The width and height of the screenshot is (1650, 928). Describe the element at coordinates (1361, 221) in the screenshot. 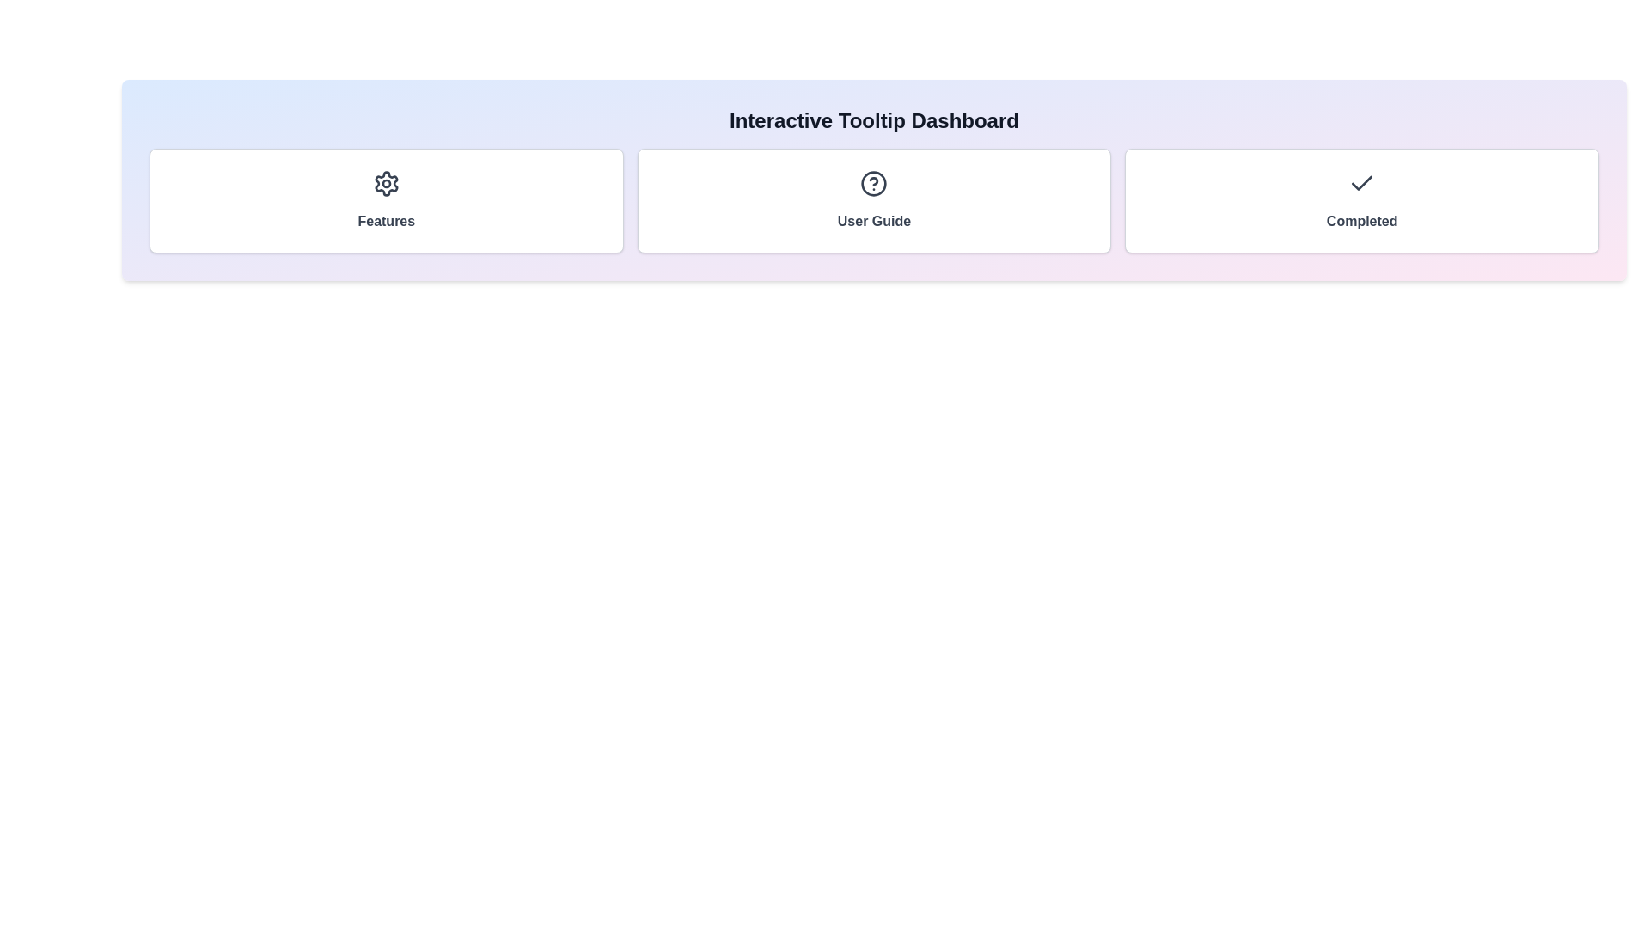

I see `text 'Completed' from the status indicator Text Label located at the bottom center of the card on the rightmost side of the row in the Interactive Tooltip Dashboard` at that location.